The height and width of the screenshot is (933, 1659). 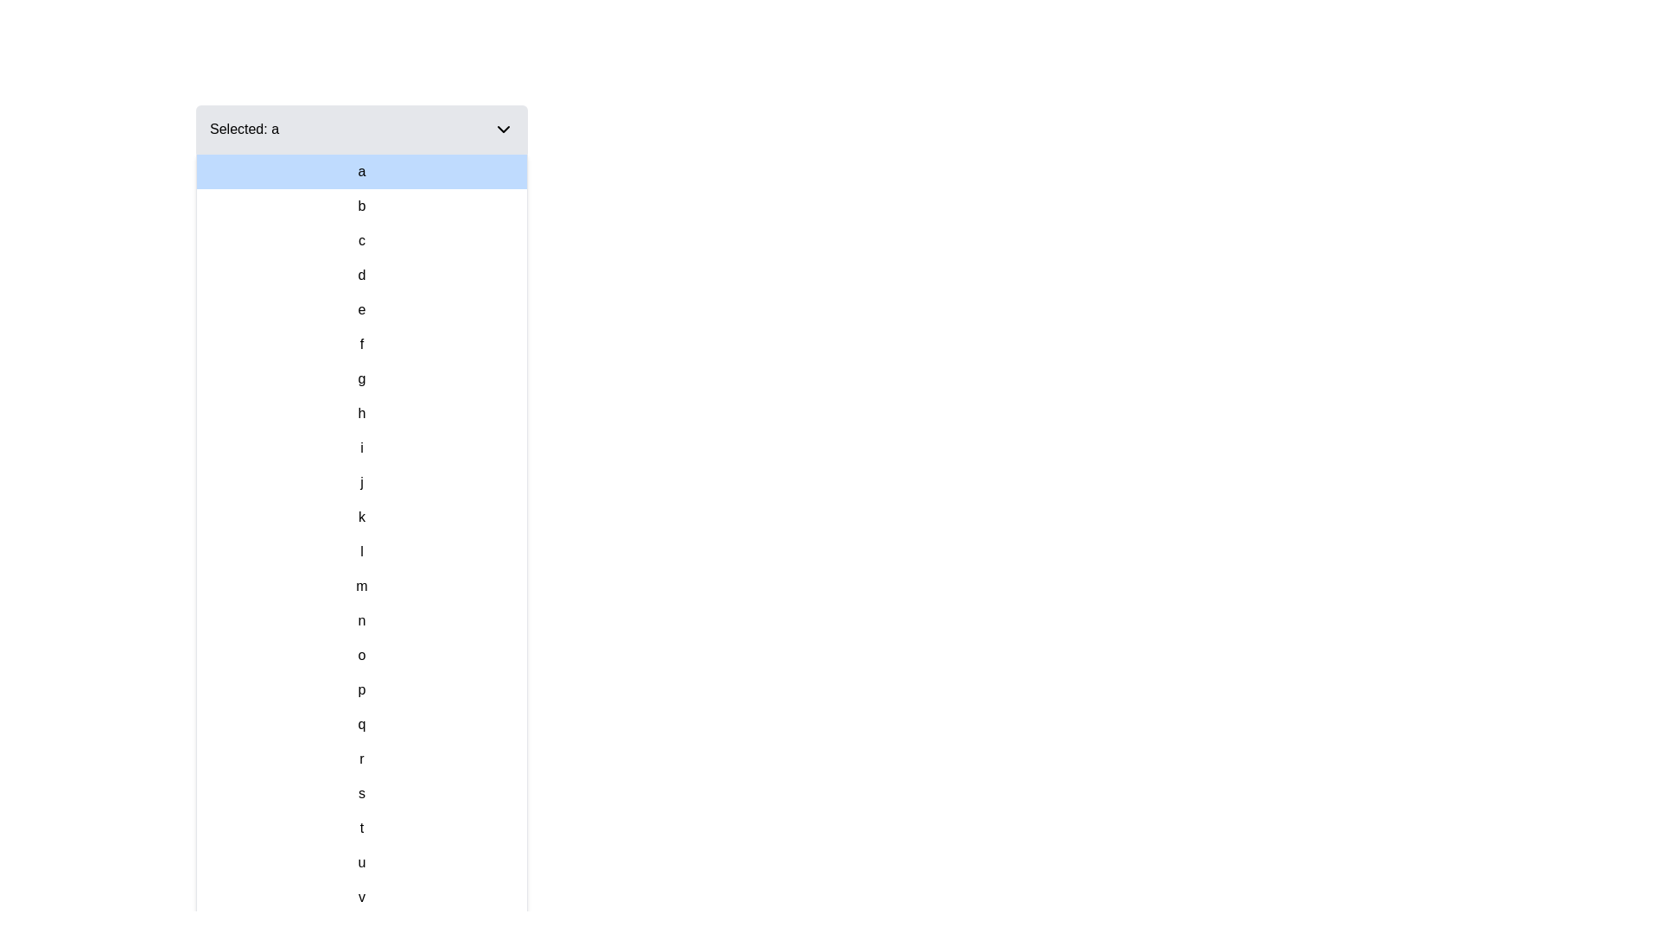 I want to click on to select the character 'f' from the dropdown list, which is the sixth item in the list between 'e' and 'g', so click(x=360, y=344).